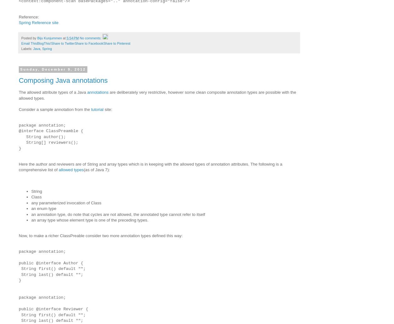  Describe the element at coordinates (39, 22) in the screenshot. I see `'Spring Reference site'` at that location.